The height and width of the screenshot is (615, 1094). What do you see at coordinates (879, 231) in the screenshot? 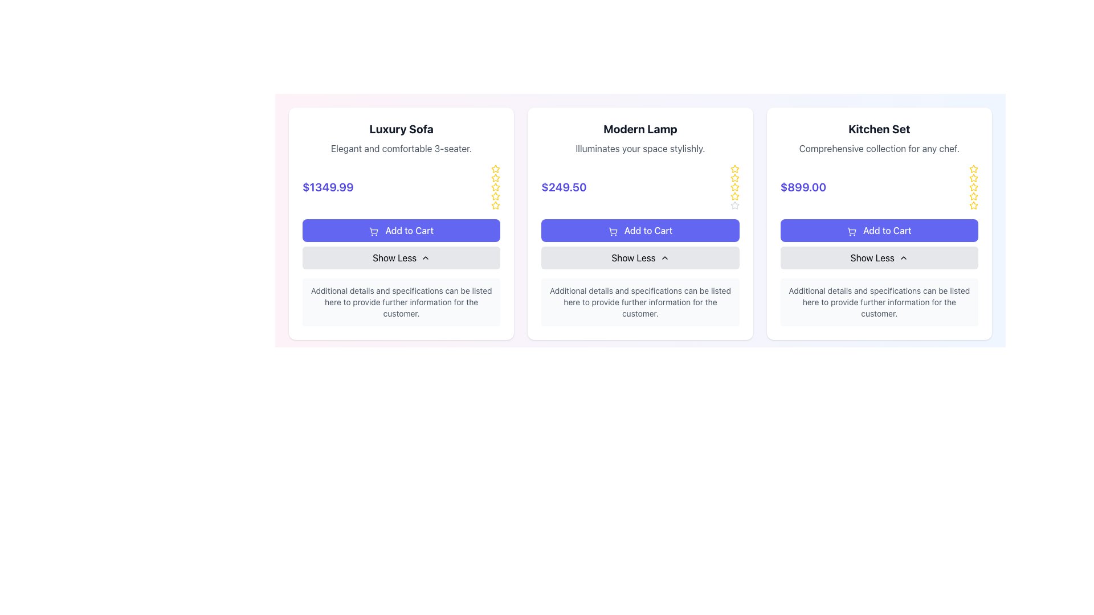
I see `the 'Add to Cart' button for the 'Kitchen Set' product located in the third card from the left, positioned below the price tag of '$899.00' and above the 'Show Less' button` at bounding box center [879, 231].